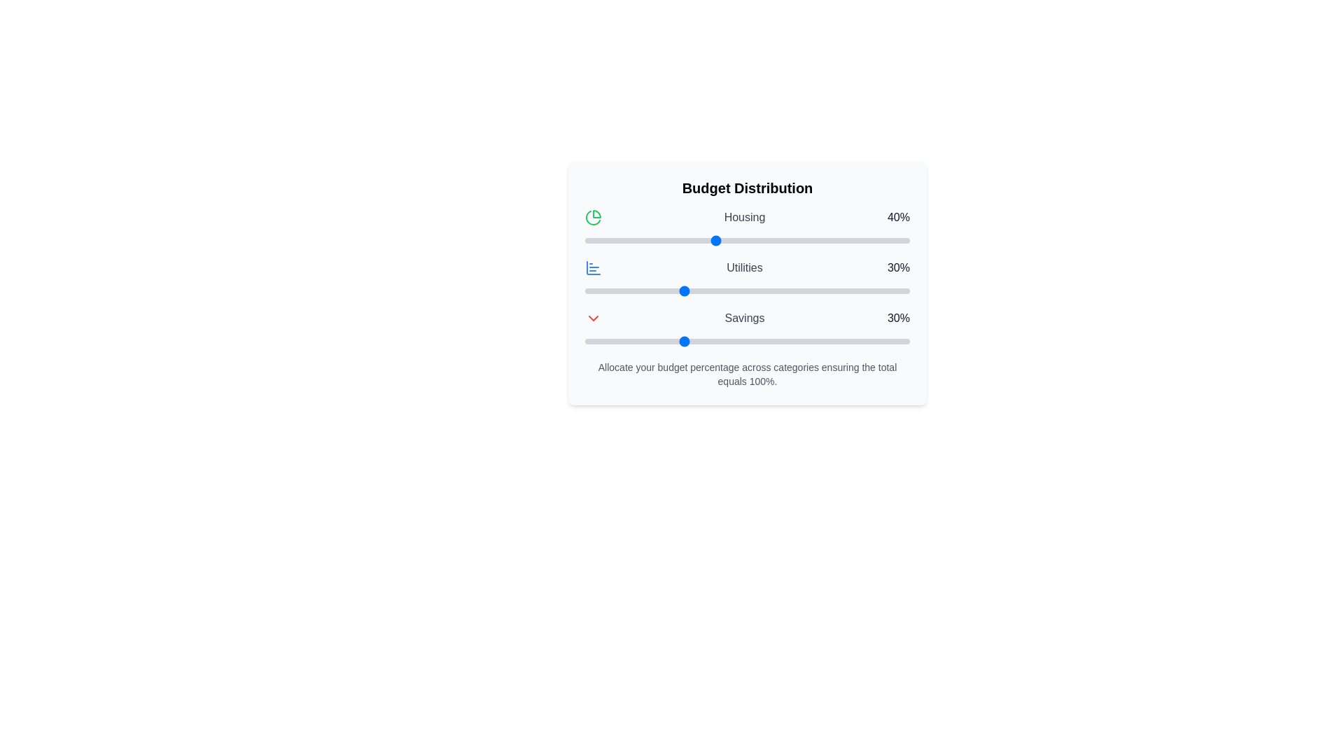  Describe the element at coordinates (721, 239) in the screenshot. I see `the Housing percentage slider` at that location.